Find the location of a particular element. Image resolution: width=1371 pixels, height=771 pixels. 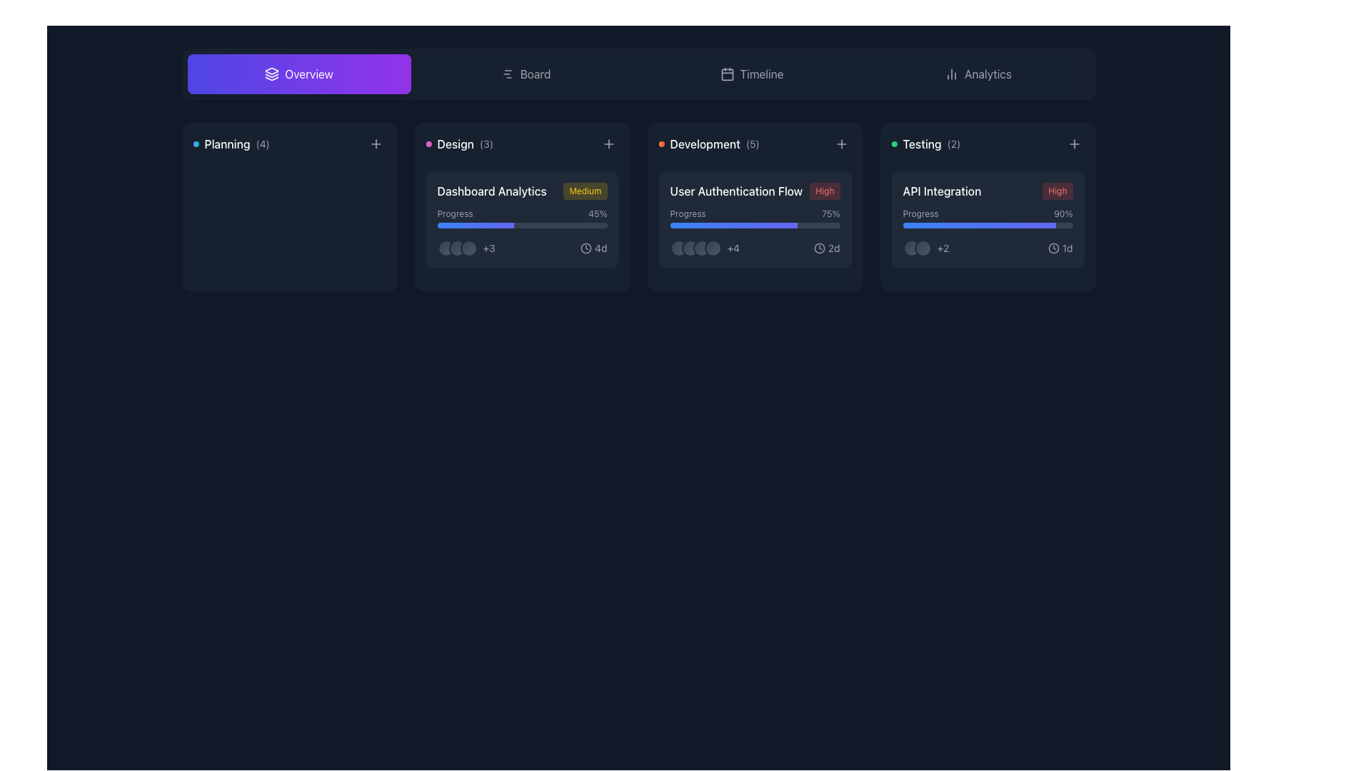

the 'add' or 'create' button located in the top-right corner of the 'Testing' card is located at coordinates (1074, 143).